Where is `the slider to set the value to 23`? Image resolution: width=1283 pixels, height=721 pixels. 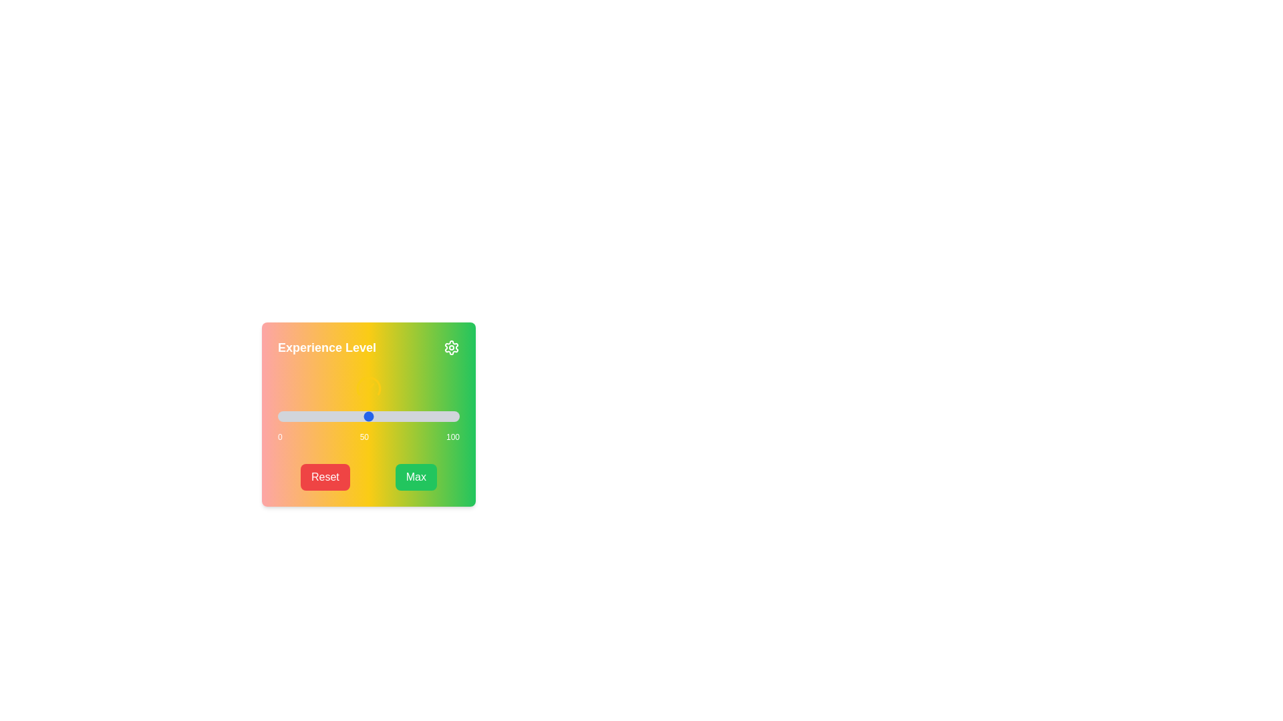
the slider to set the value to 23 is located at coordinates (319, 416).